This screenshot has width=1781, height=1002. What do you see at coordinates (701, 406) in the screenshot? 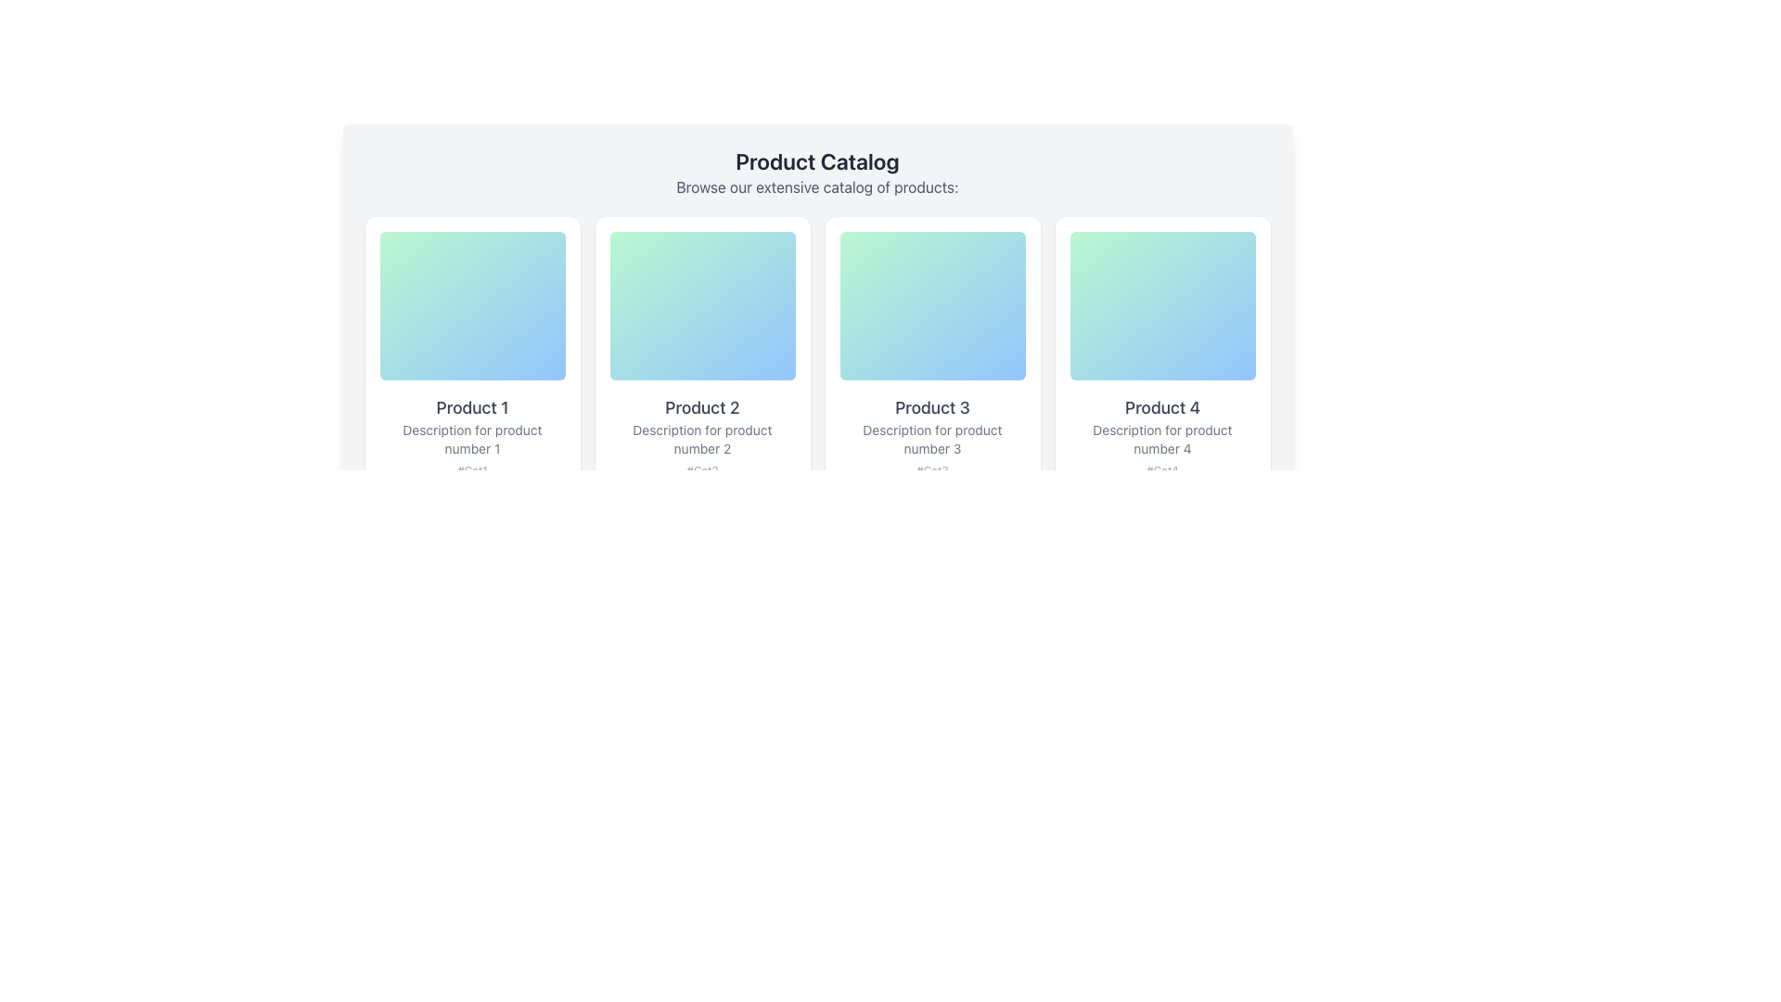
I see `the text label reading 'Product 2', which is styled in a medium gray font and positioned beneath a colorful gradient image` at bounding box center [701, 406].